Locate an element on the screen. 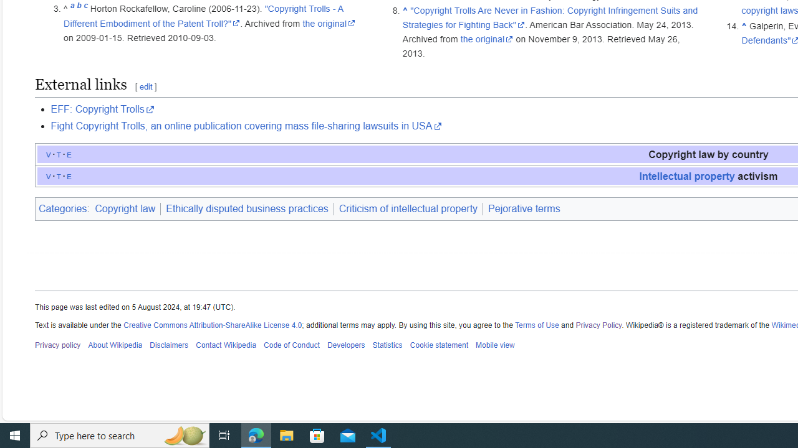  'About Wikipedia' is located at coordinates (115, 345).